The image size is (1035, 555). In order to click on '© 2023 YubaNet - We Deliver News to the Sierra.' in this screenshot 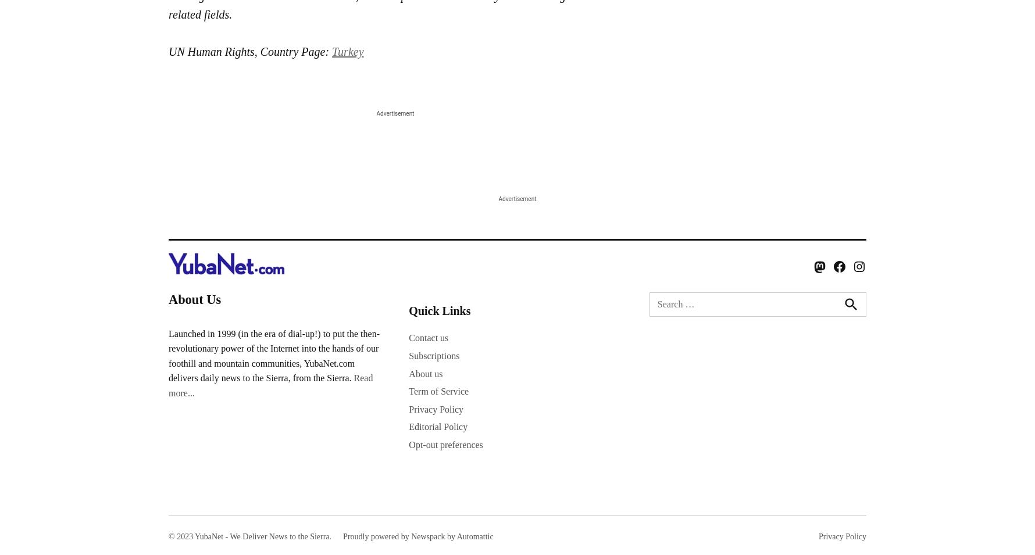, I will do `click(167, 536)`.